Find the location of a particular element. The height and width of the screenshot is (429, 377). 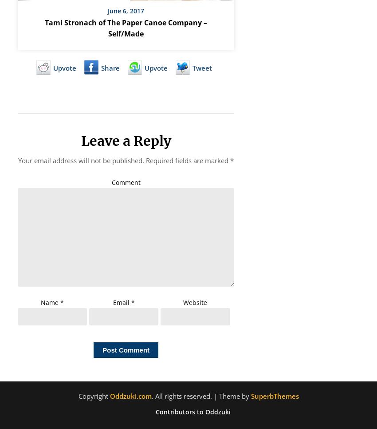

'Email' is located at coordinates (112, 301).